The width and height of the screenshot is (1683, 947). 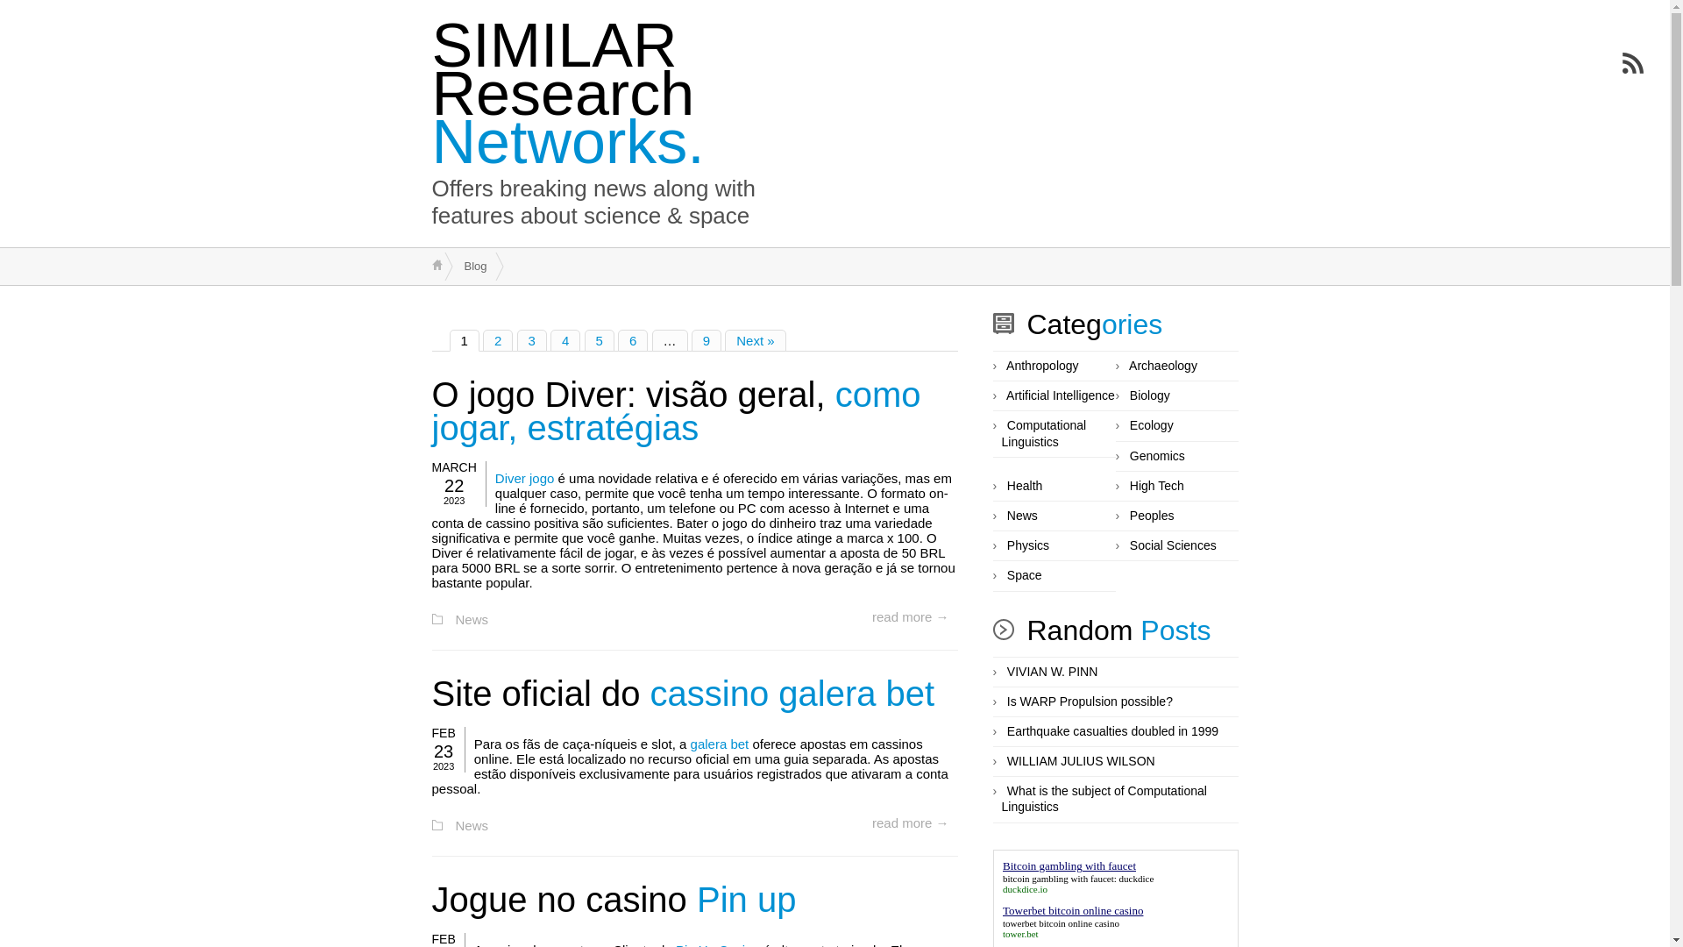 I want to click on 'Archaeology', so click(x=1162, y=365).